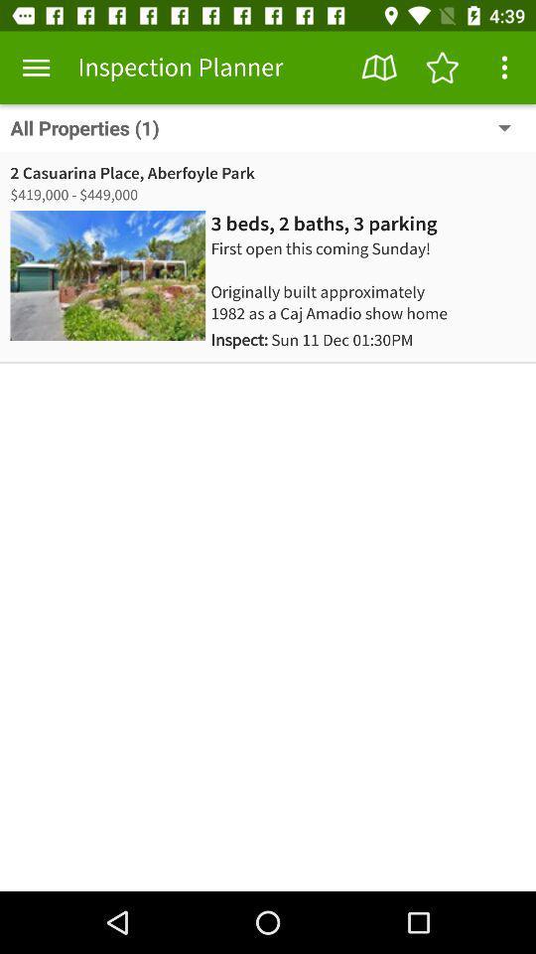 This screenshot has height=954, width=536. I want to click on the item below the first open this item, so click(312, 340).